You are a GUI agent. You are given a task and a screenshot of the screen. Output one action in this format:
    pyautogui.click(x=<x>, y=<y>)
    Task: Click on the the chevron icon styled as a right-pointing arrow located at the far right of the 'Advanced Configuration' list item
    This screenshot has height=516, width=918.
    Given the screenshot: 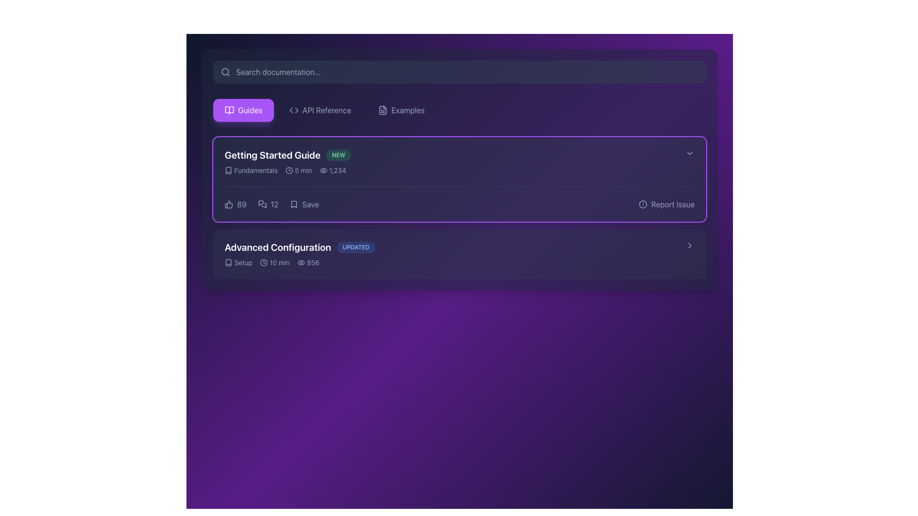 What is the action you would take?
    pyautogui.click(x=690, y=245)
    